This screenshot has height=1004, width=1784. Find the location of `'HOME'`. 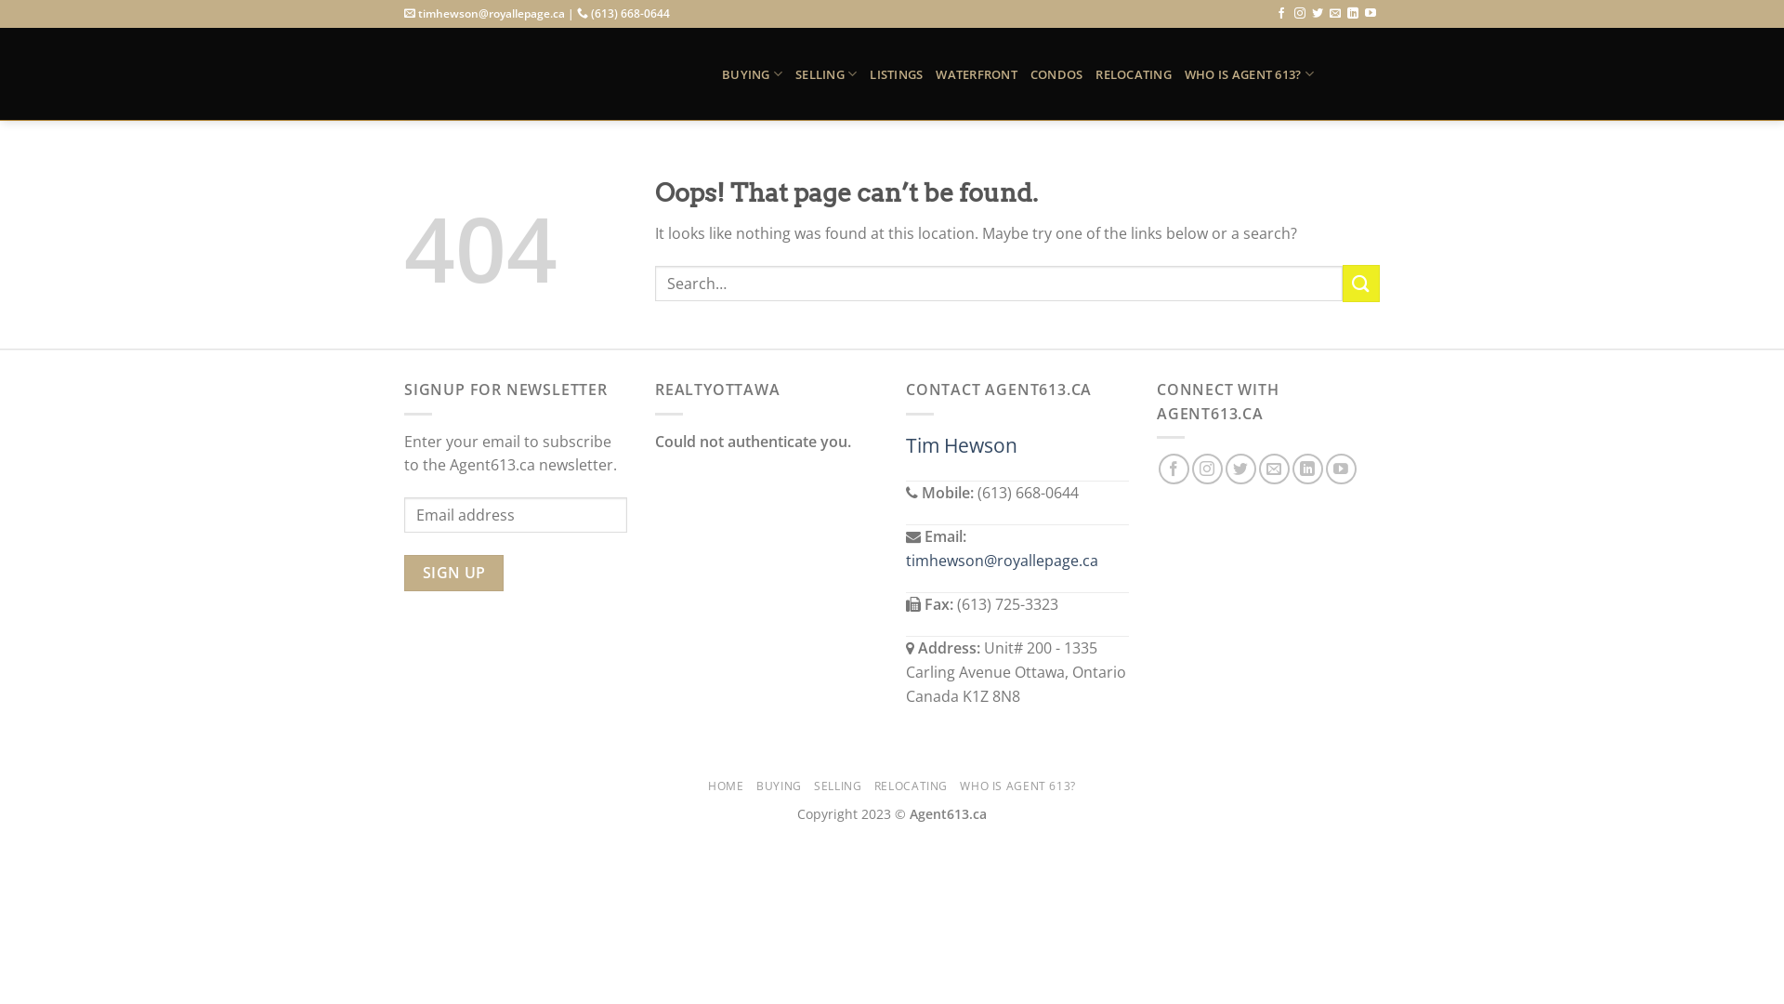

'HOME' is located at coordinates (707, 786).